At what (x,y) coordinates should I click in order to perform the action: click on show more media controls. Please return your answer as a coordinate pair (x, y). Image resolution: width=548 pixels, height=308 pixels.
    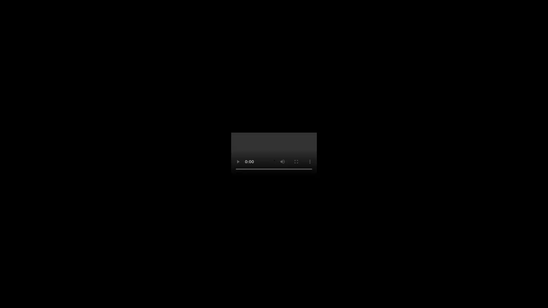
    Looking at the image, I should click on (309, 162).